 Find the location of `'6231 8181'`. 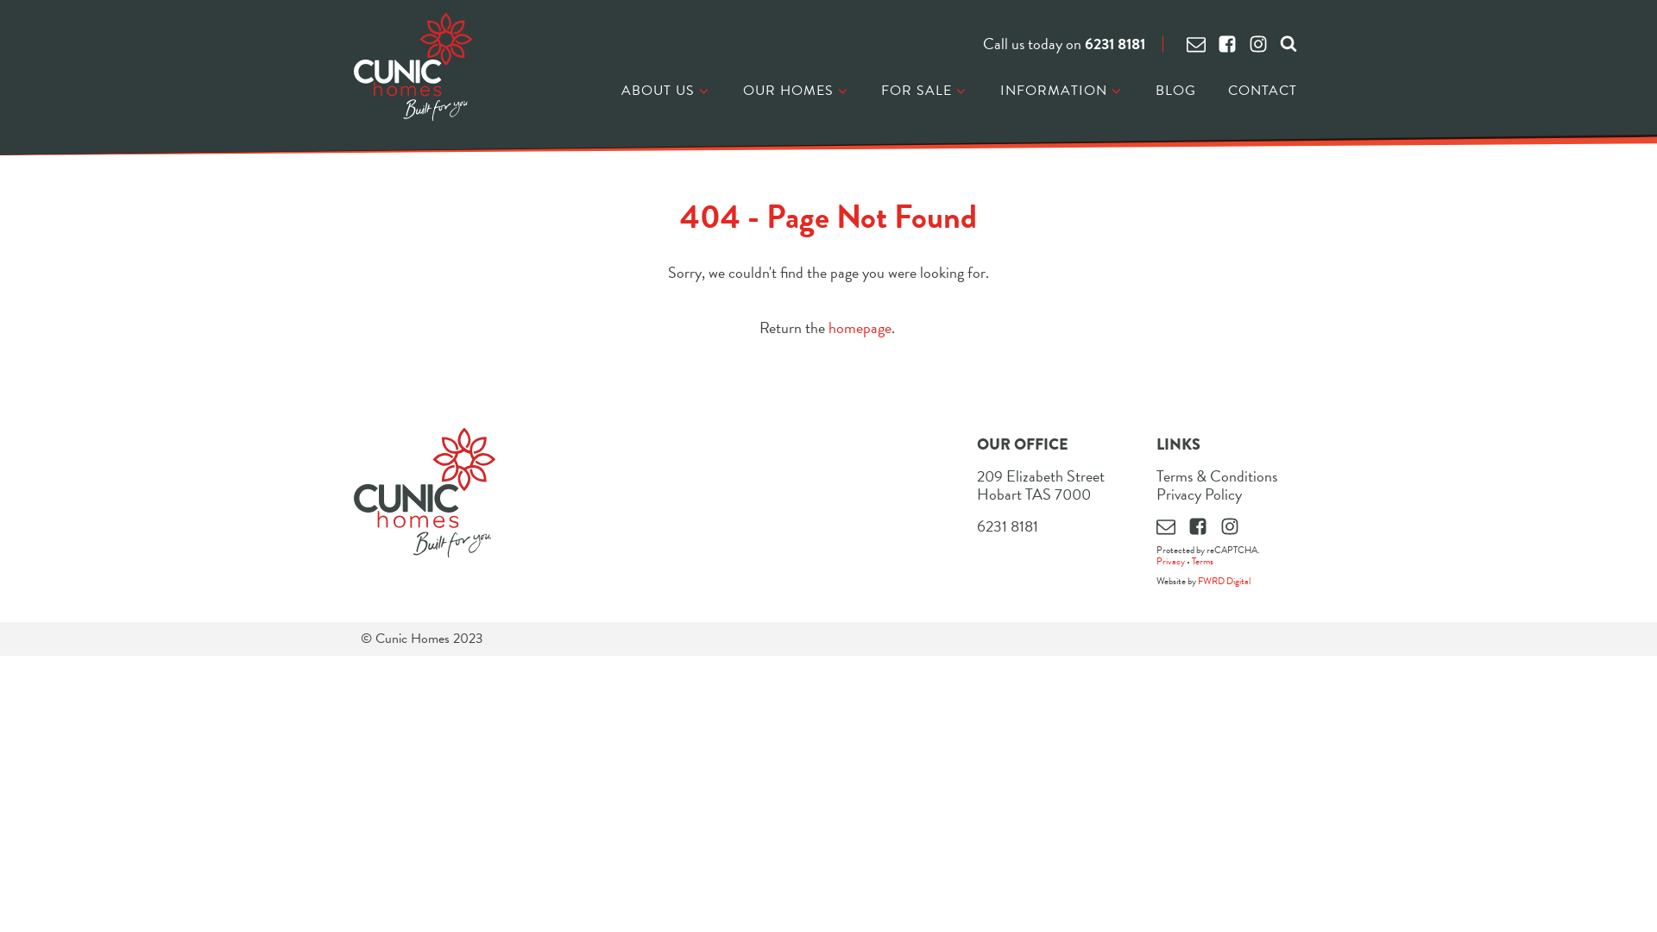

'6231 8181' is located at coordinates (1114, 42).